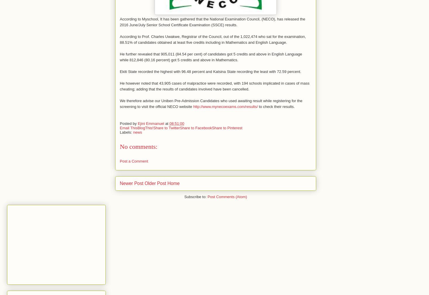 This screenshot has height=295, width=429. What do you see at coordinates (137, 123) in the screenshot?
I see `'Ejini Emmanuel'` at bounding box center [137, 123].